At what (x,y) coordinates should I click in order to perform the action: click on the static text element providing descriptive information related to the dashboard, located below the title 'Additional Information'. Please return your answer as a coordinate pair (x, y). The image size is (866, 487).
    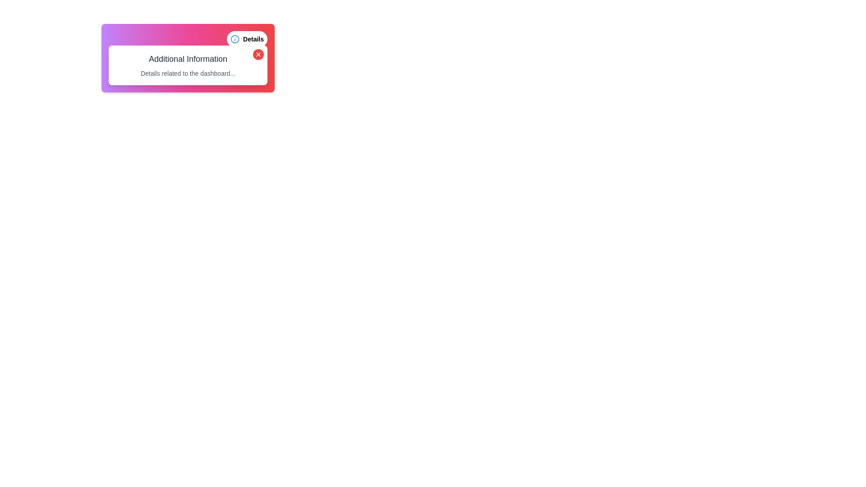
    Looking at the image, I should click on (188, 73).